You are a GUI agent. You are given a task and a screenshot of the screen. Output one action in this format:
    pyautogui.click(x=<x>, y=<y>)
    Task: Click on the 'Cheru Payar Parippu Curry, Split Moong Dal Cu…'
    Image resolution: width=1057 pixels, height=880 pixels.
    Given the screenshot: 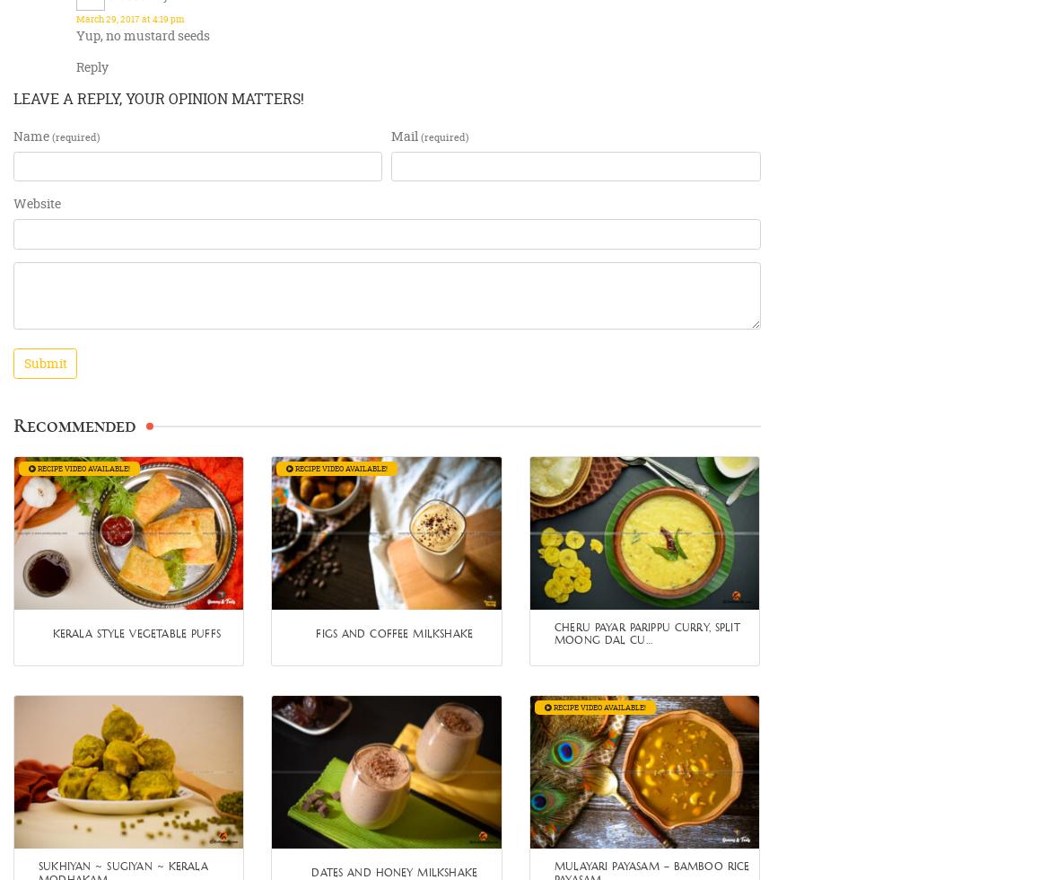 What is the action you would take?
    pyautogui.click(x=645, y=633)
    